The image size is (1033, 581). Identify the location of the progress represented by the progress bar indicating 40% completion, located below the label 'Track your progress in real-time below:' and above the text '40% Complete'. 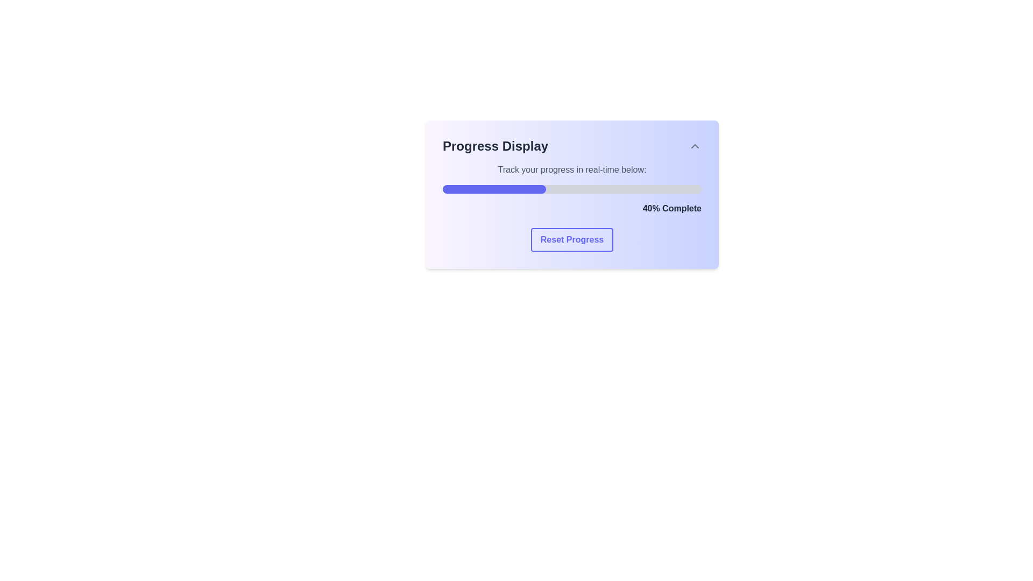
(571, 188).